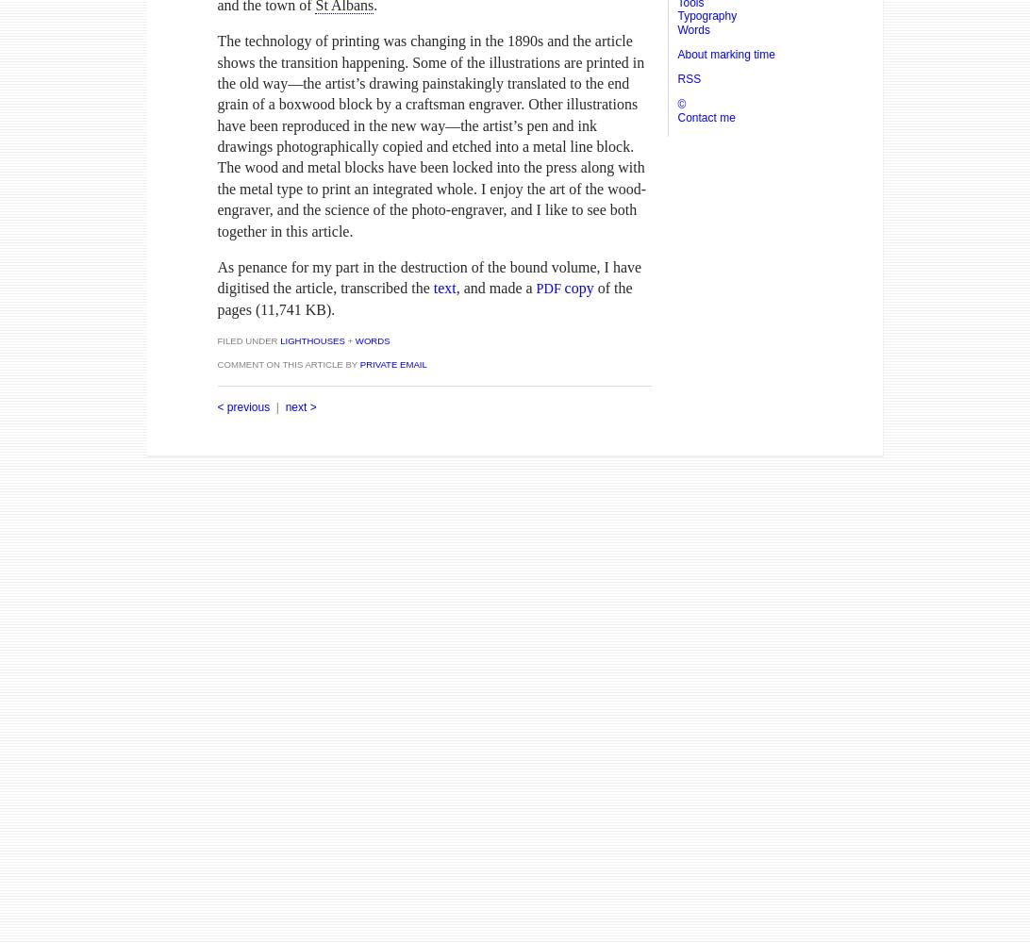 Image resolution: width=1030 pixels, height=943 pixels. What do you see at coordinates (243, 406) in the screenshot?
I see `'< previous'` at bounding box center [243, 406].